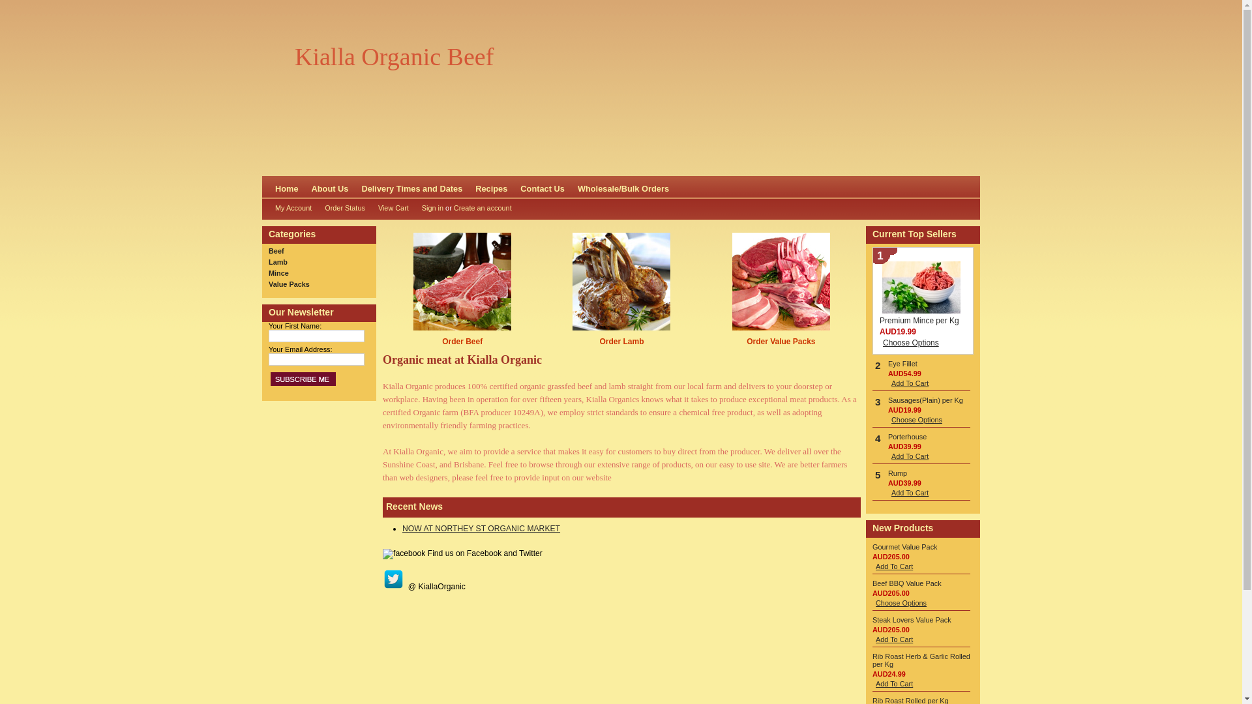 Image resolution: width=1252 pixels, height=704 pixels. I want to click on 'Beef BBQ Value Pack', so click(906, 582).